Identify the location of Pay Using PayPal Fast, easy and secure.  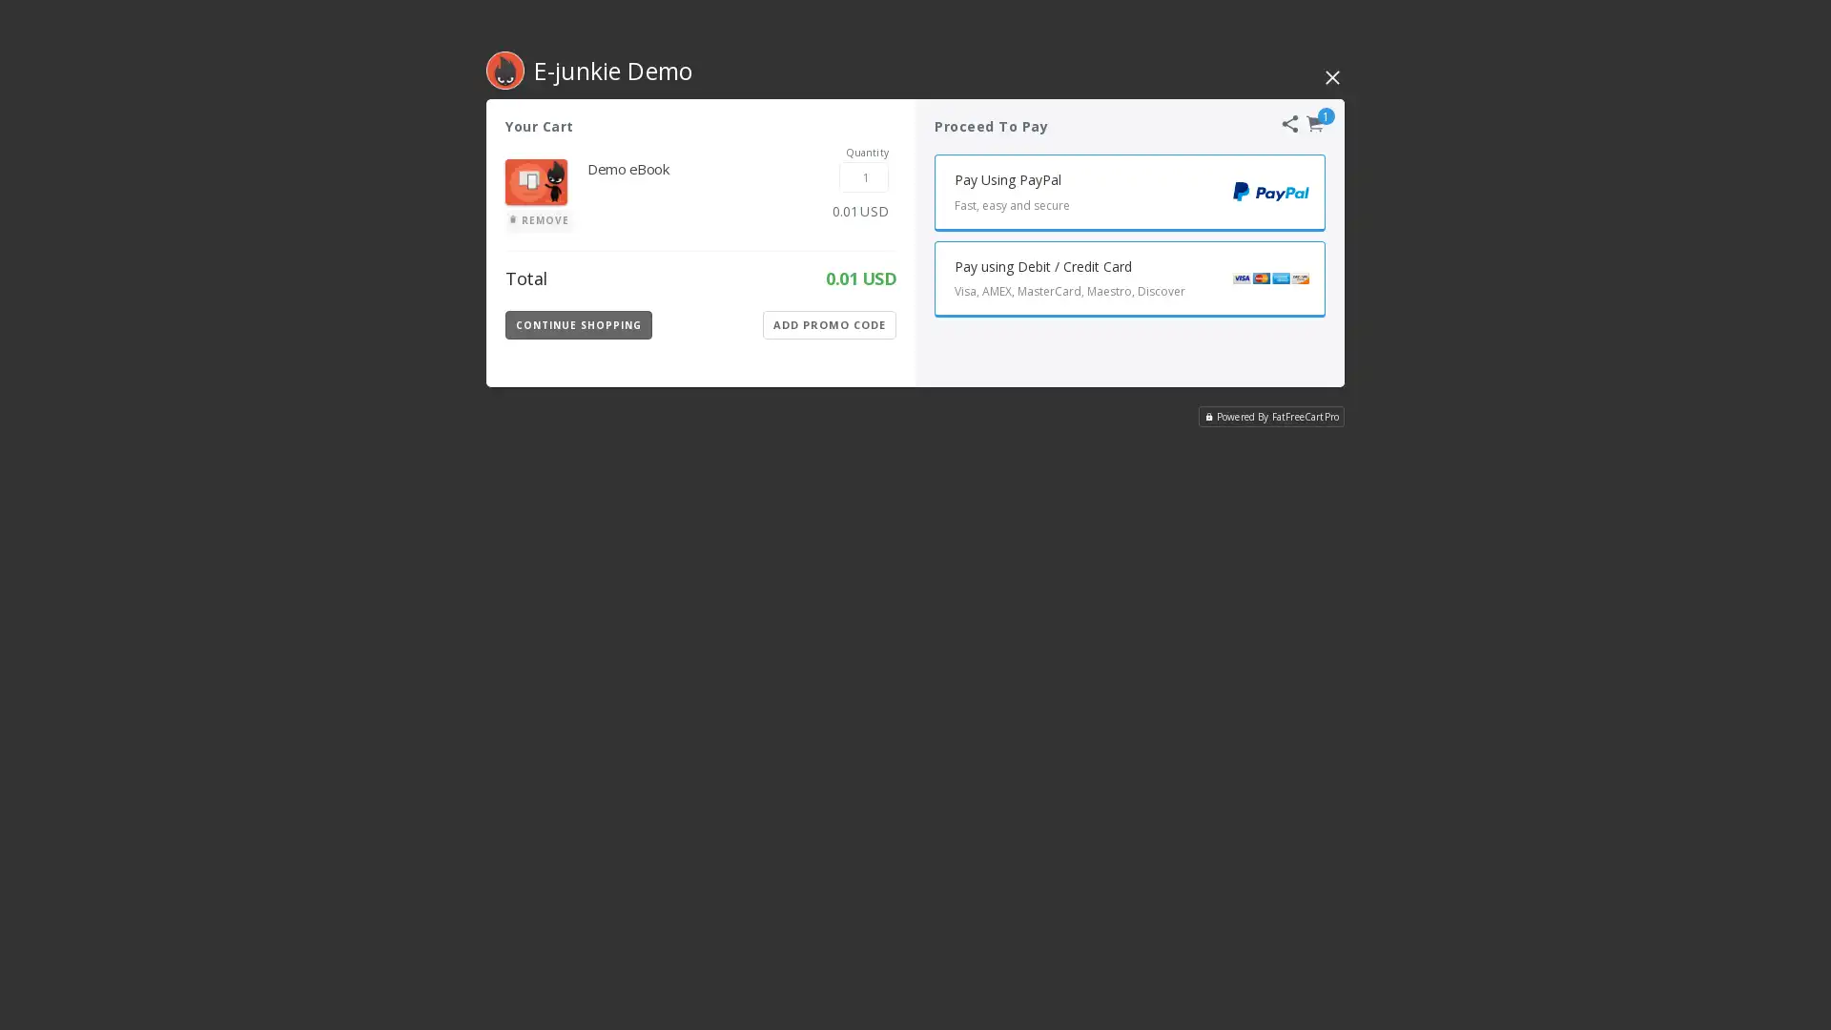
(1130, 192).